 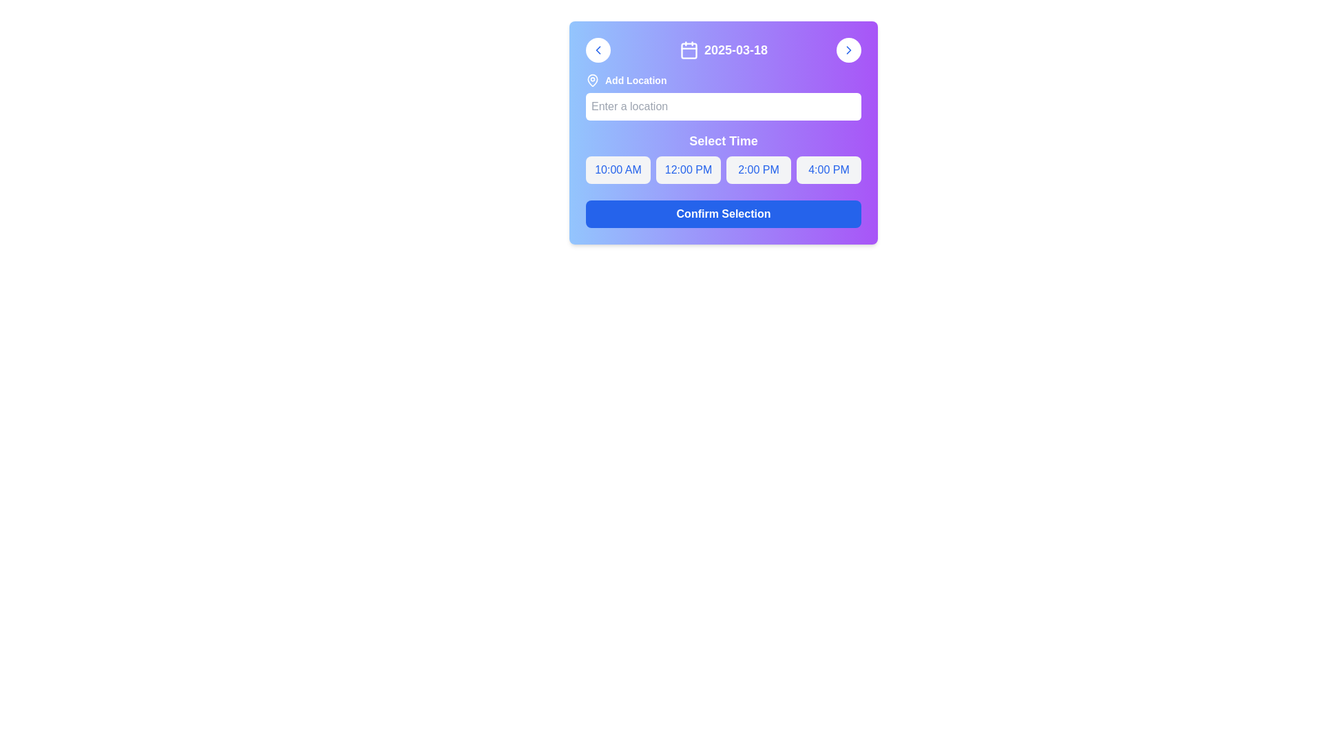 What do you see at coordinates (688, 169) in the screenshot?
I see `the button displaying '12:00 PM' to change its background color` at bounding box center [688, 169].